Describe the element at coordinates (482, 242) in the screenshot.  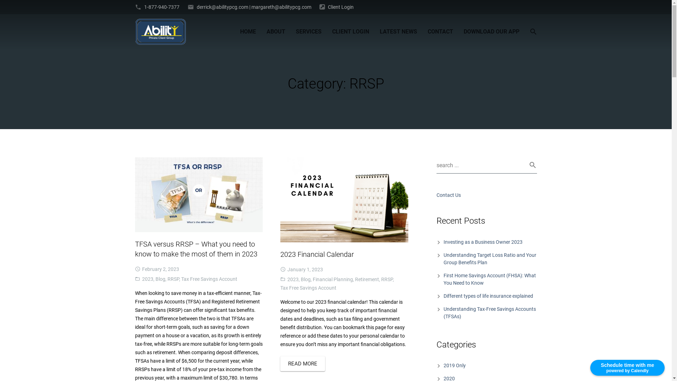
I see `'Investing as a Business Owner 2023'` at that location.